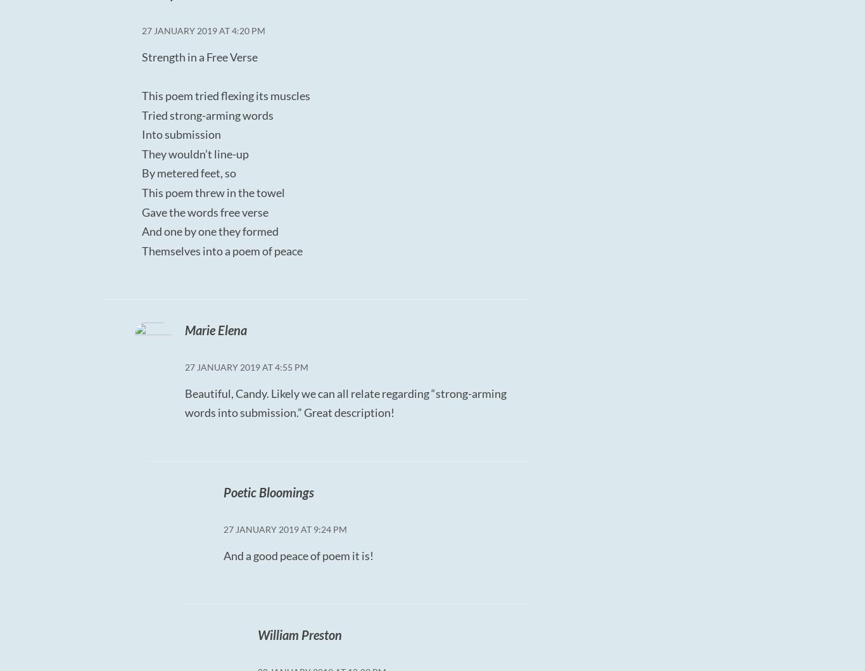  I want to click on 'Tried strong-arming words', so click(207, 113).